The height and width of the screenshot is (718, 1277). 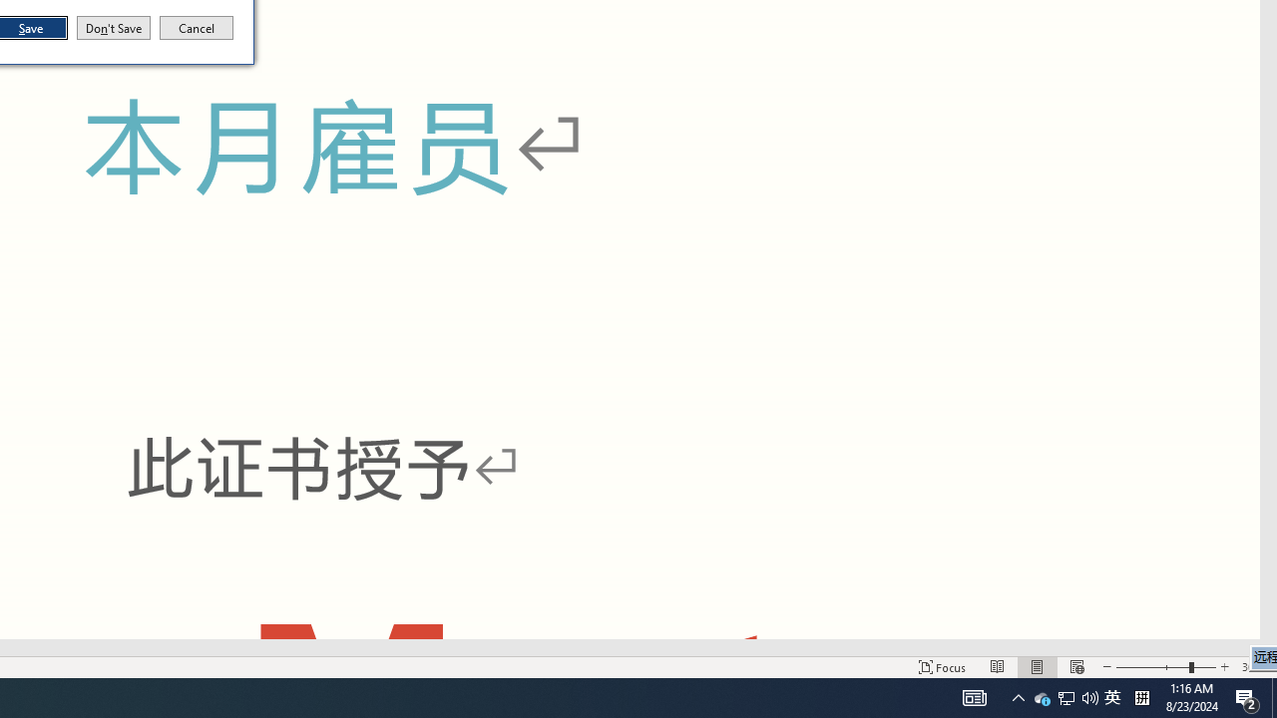 What do you see at coordinates (1254, 667) in the screenshot?
I see `'Zoom 308%'` at bounding box center [1254, 667].